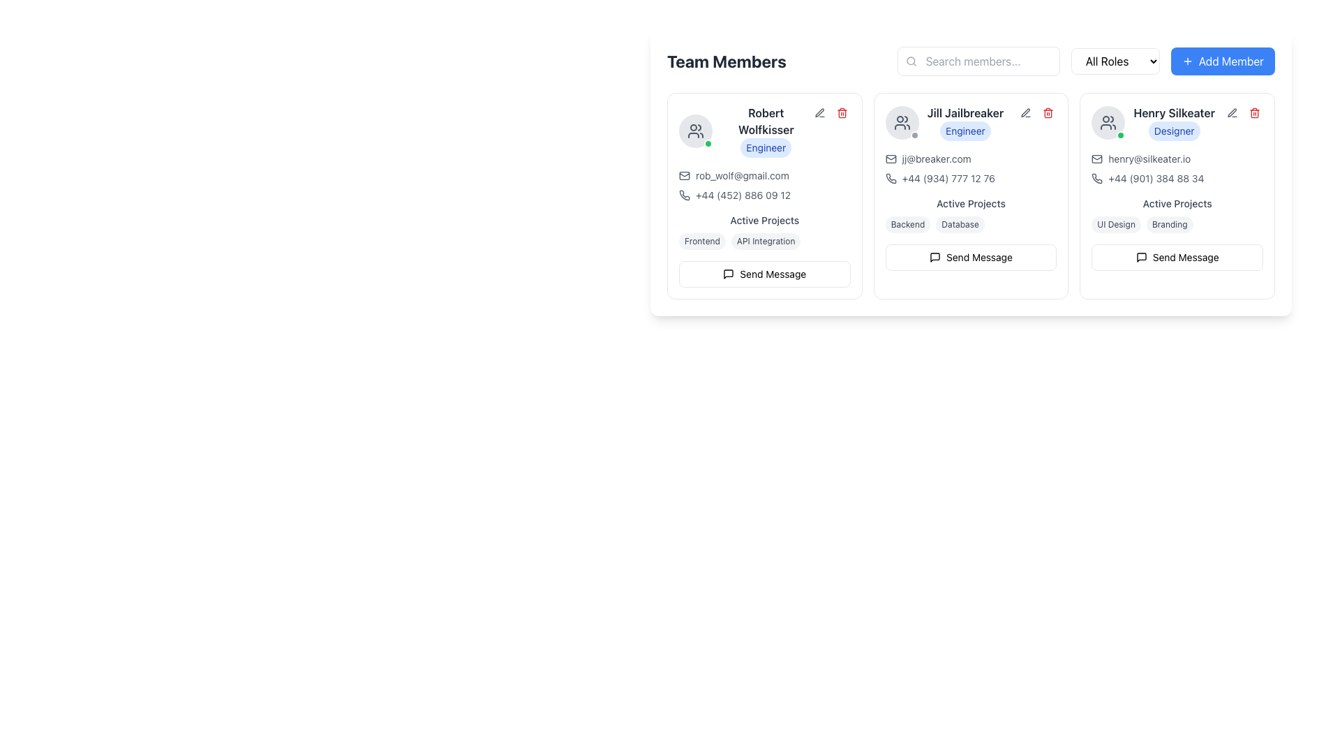 The image size is (1340, 754). What do you see at coordinates (684, 195) in the screenshot?
I see `the small phone icon with a minimalist design located in the contact information section of the first team member card, positioned at the top left corner adjacent to the phone number '+44 (452) 886 09 12'` at bounding box center [684, 195].